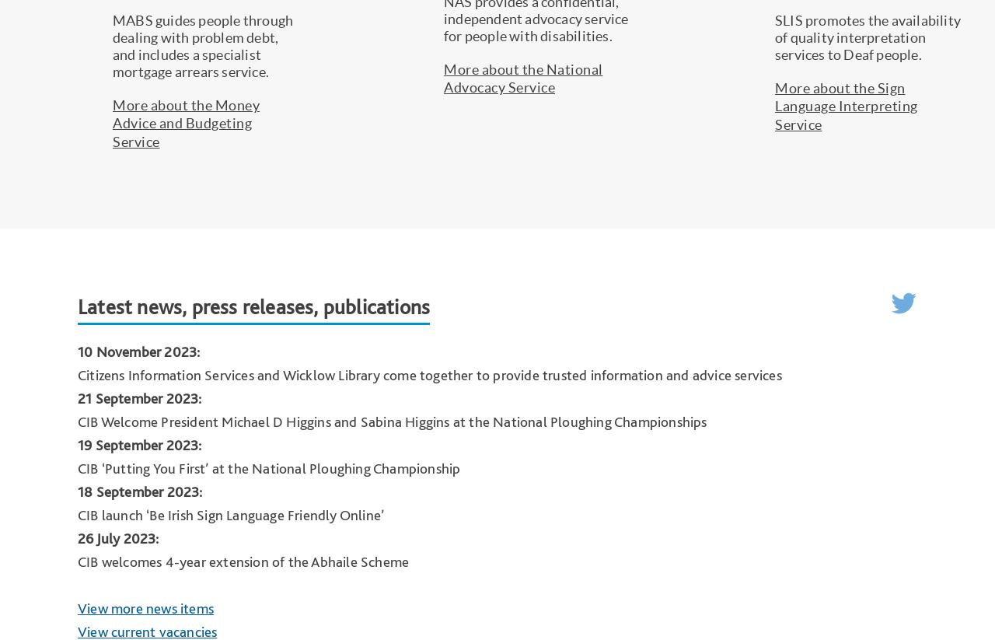 This screenshot has width=995, height=640. What do you see at coordinates (242, 561) in the screenshot?
I see `'CIB welcomes 4-year extension of the Abhaile Scheme'` at bounding box center [242, 561].